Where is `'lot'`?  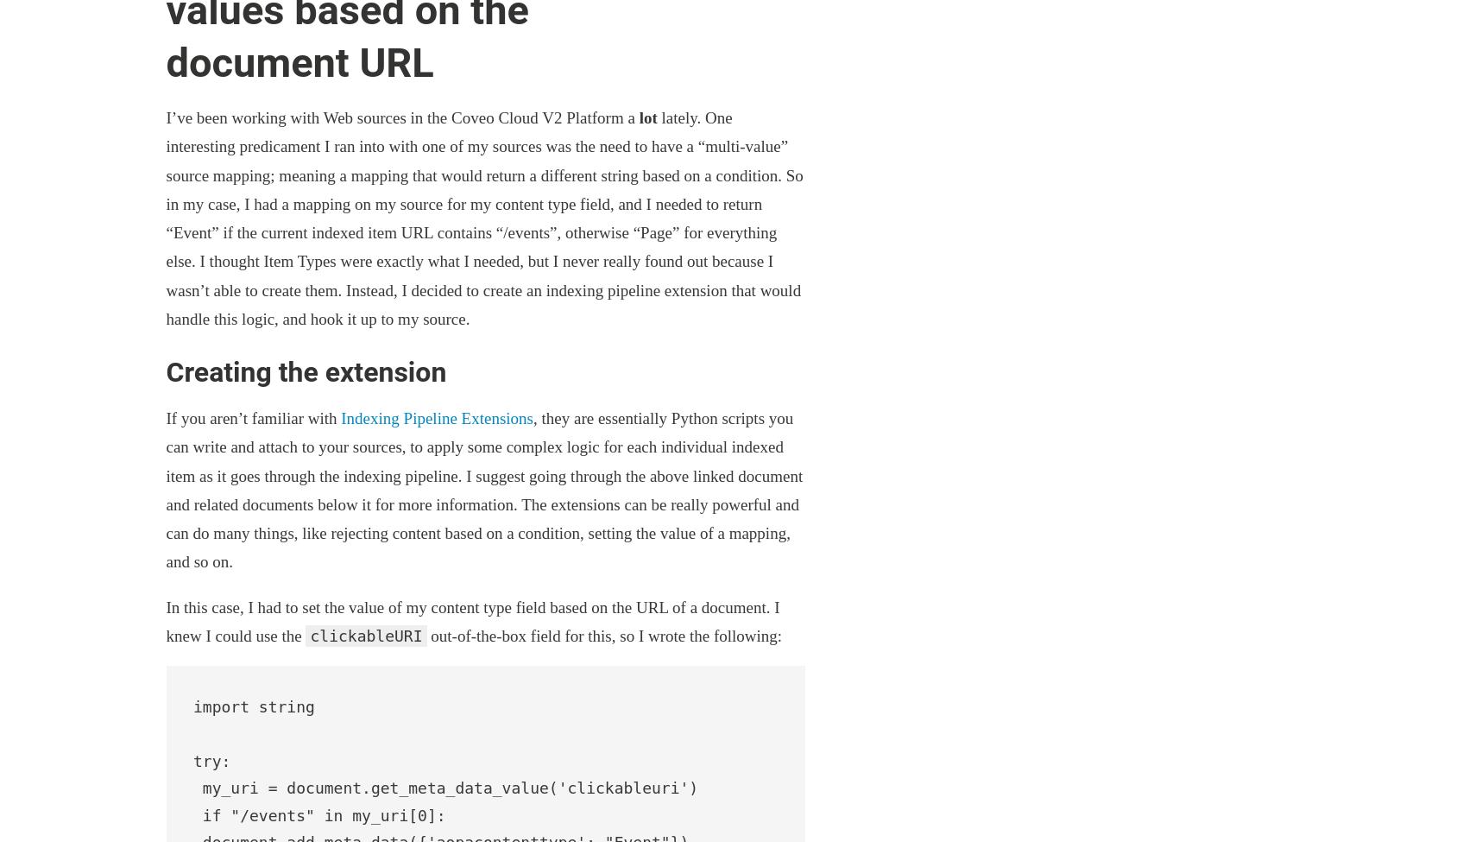 'lot' is located at coordinates (638, 117).